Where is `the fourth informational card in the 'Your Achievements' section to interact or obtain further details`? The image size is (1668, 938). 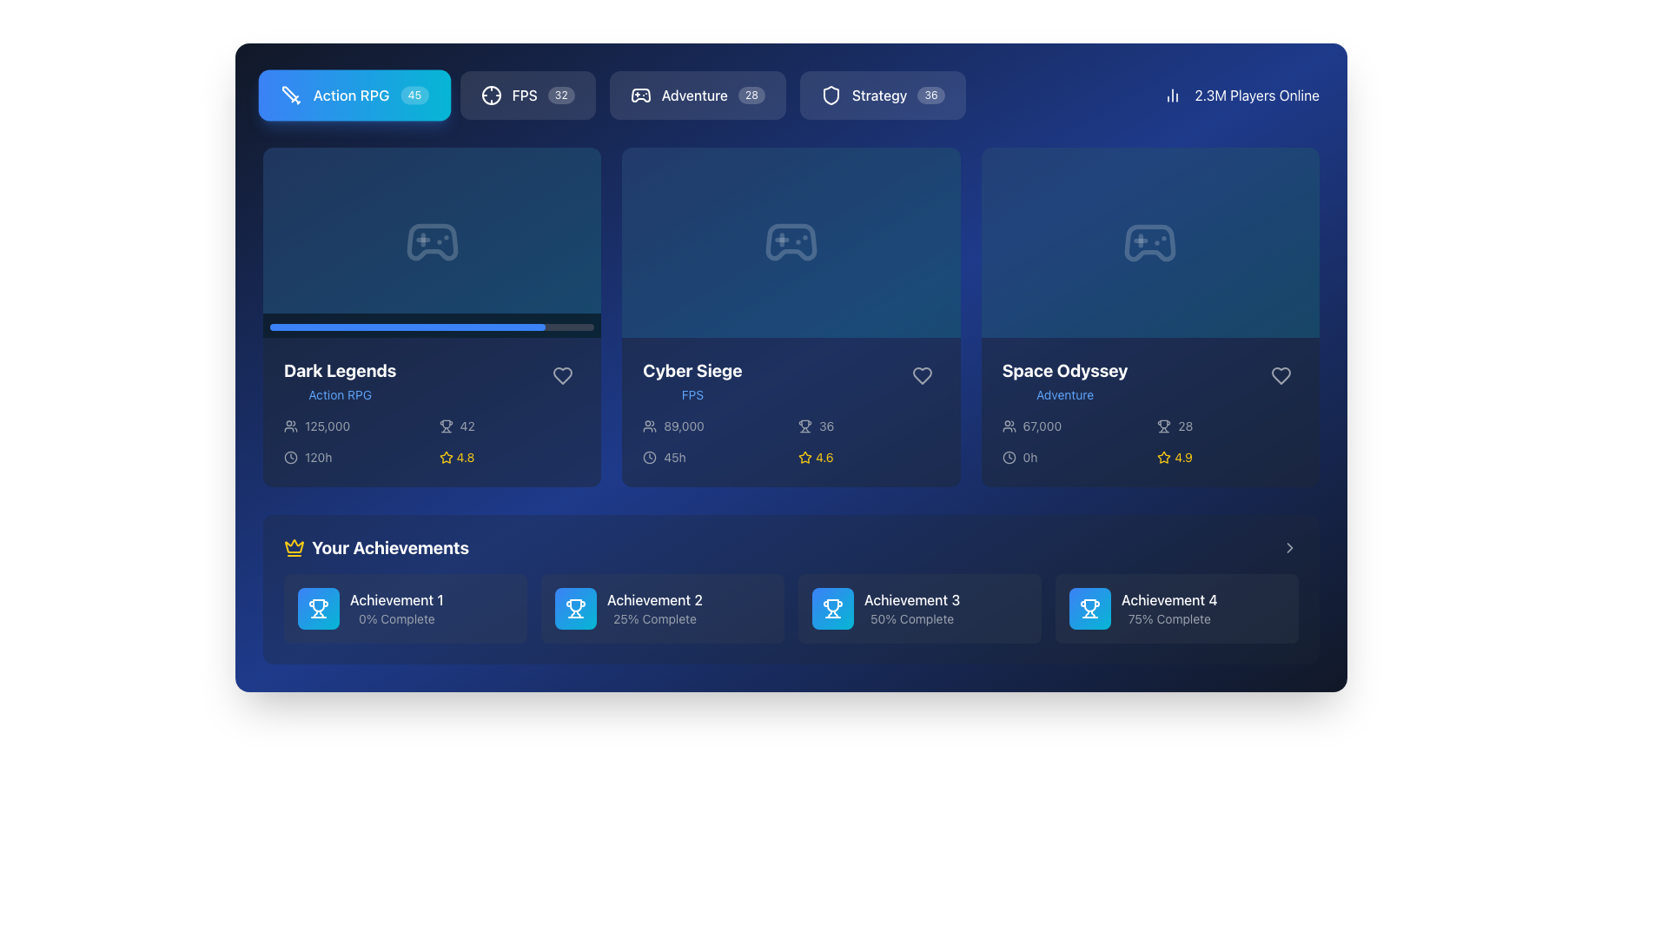
the fourth informational card in the 'Your Achievements' section to interact or obtain further details is located at coordinates (1176, 608).